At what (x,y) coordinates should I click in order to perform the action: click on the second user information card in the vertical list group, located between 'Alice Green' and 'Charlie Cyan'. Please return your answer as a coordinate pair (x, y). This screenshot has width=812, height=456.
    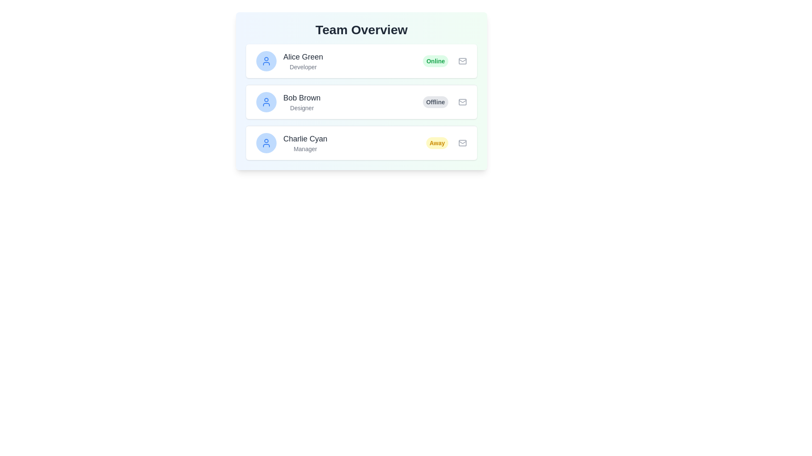
    Looking at the image, I should click on (361, 102).